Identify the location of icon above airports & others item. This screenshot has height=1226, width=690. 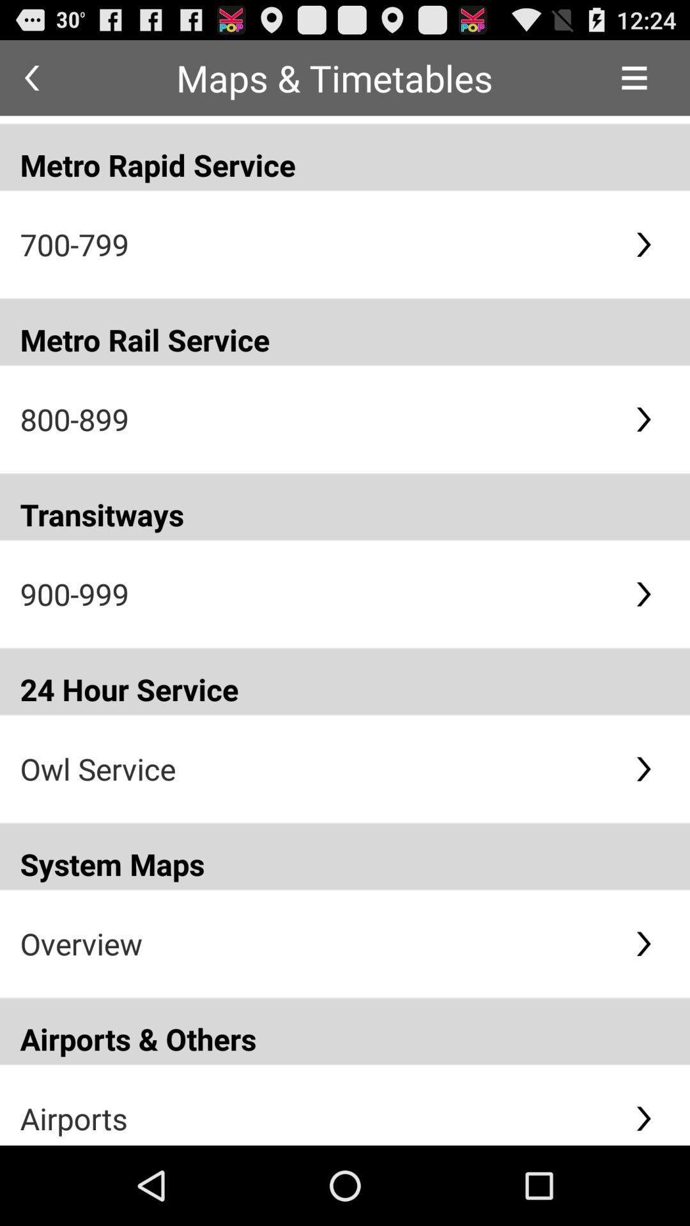
(316, 943).